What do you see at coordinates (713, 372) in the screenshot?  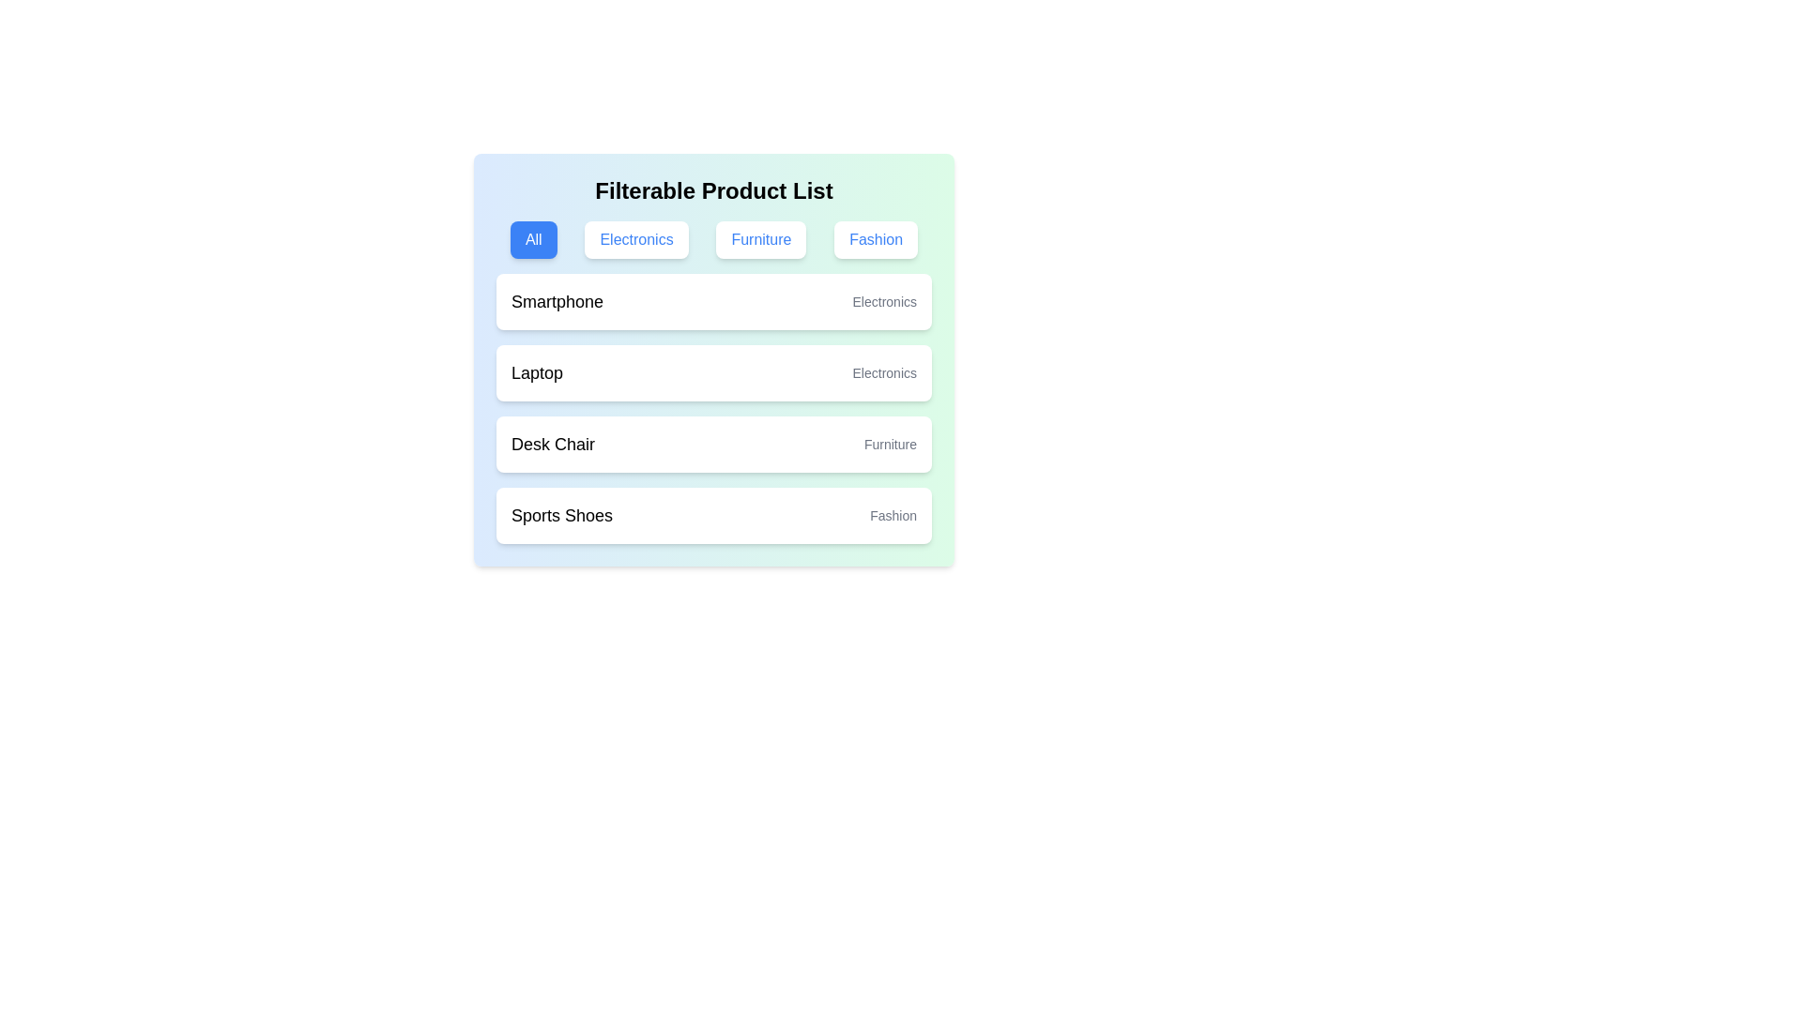 I see `the product list item Laptop` at bounding box center [713, 372].